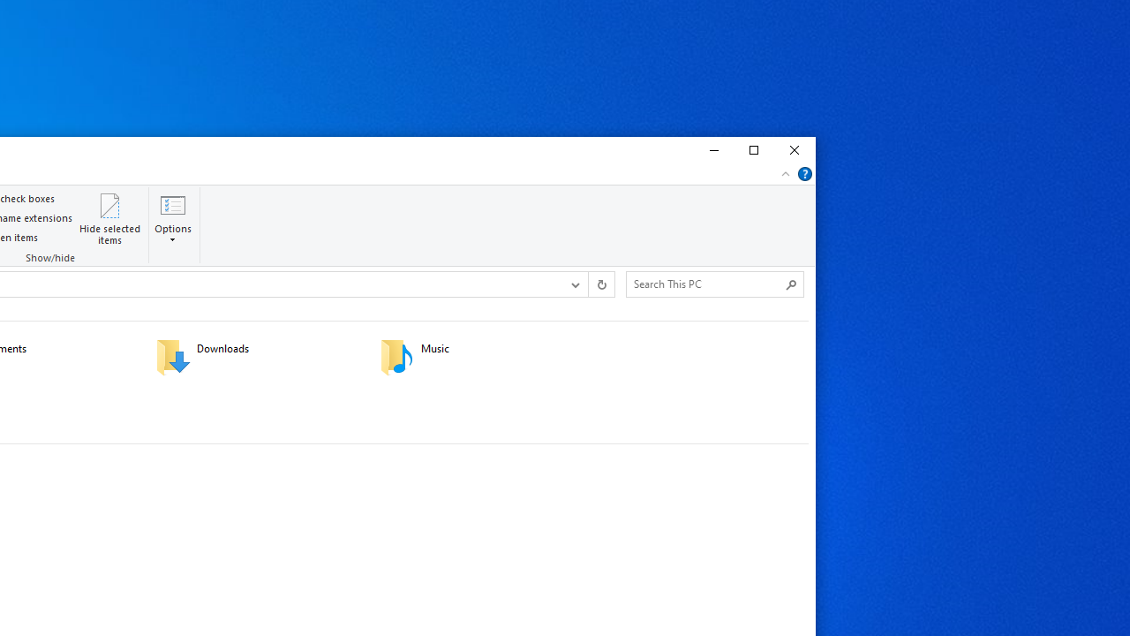 The image size is (1130, 636). Describe the element at coordinates (706, 283) in the screenshot. I see `'Search Box'` at that location.